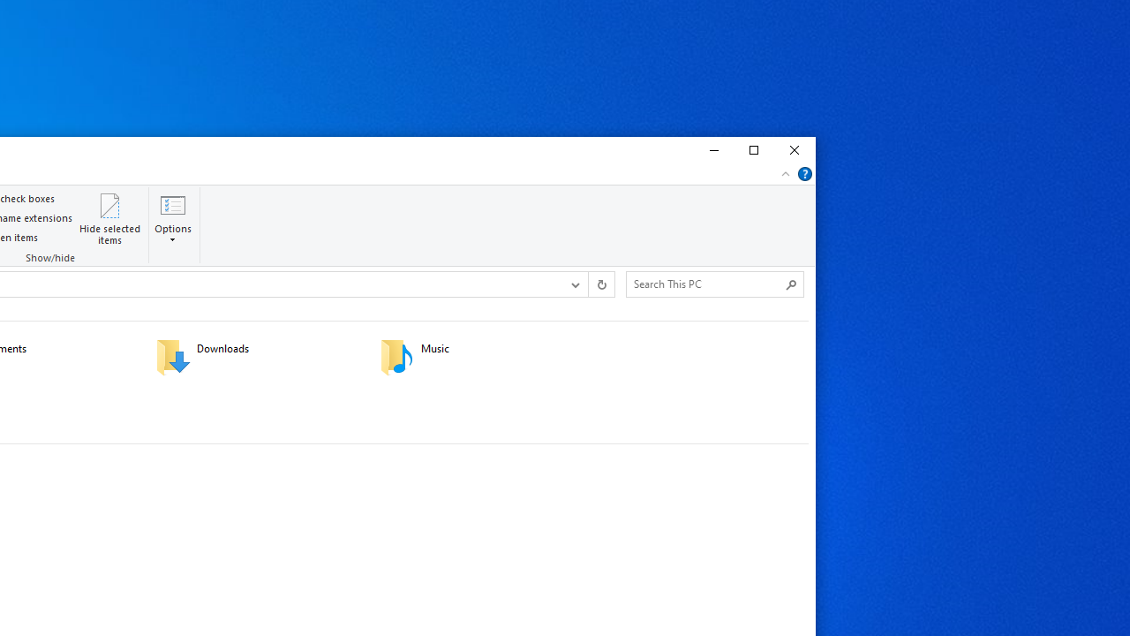 The image size is (1130, 636). Describe the element at coordinates (706, 283) in the screenshot. I see `'Search Box'` at that location.